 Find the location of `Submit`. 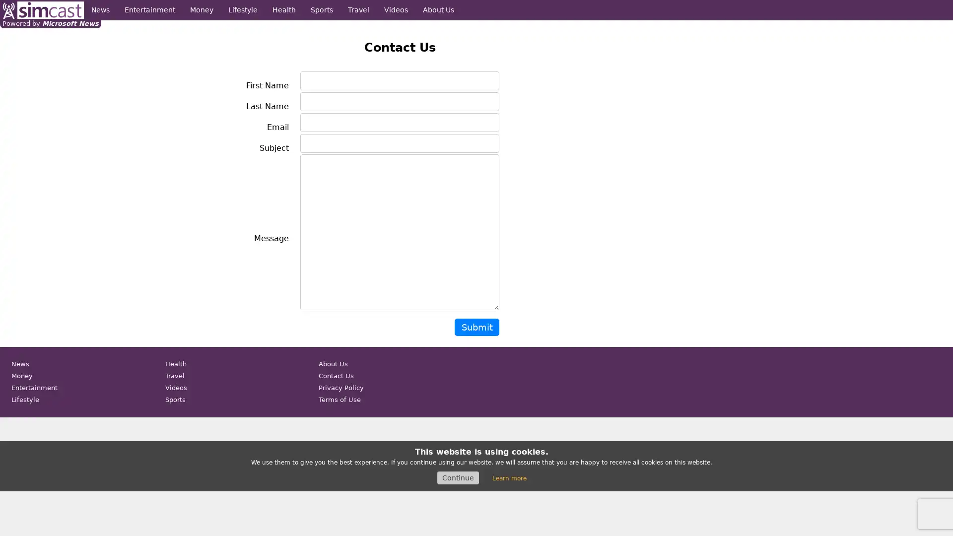

Submit is located at coordinates (476, 327).